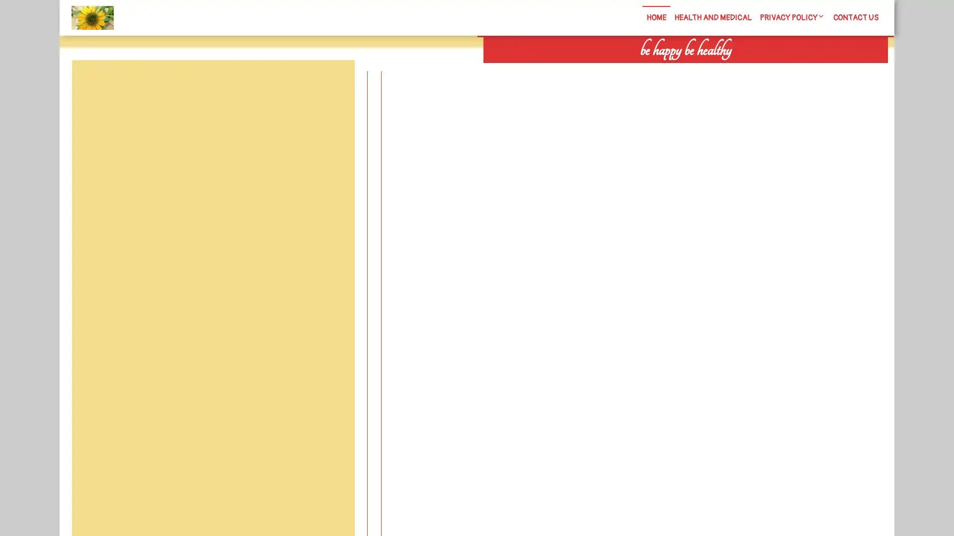 The width and height of the screenshot is (954, 536). I want to click on Search, so click(774, 69).